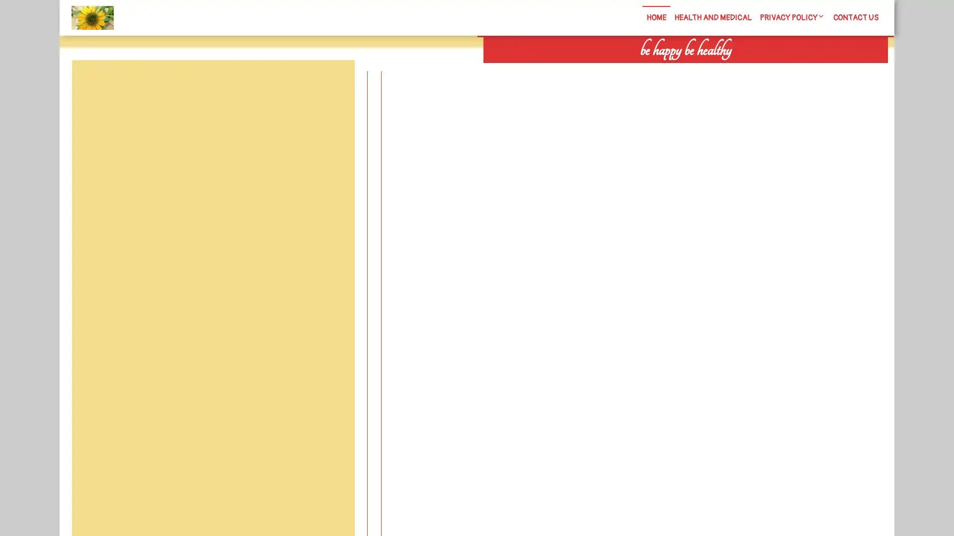 The width and height of the screenshot is (954, 536). I want to click on Search, so click(774, 69).